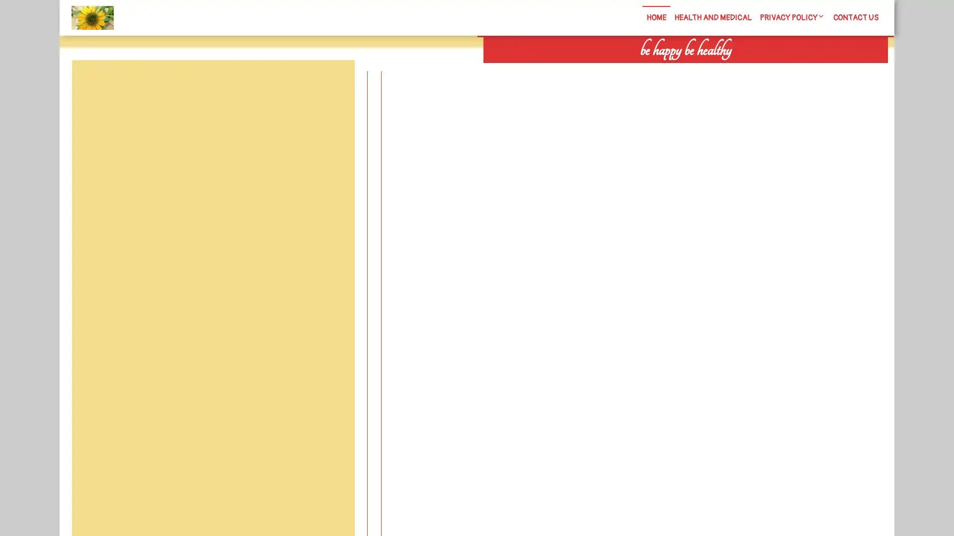 The width and height of the screenshot is (954, 536). I want to click on Search, so click(774, 69).